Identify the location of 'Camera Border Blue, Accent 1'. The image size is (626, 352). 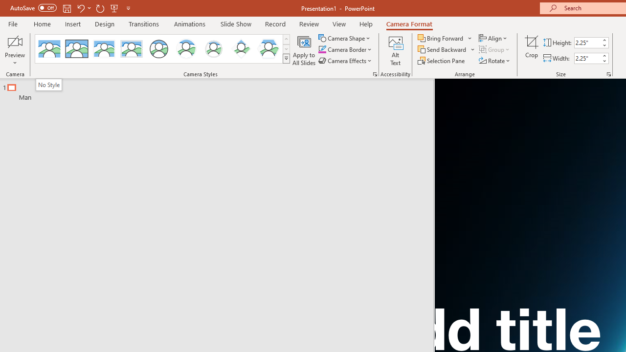
(322, 49).